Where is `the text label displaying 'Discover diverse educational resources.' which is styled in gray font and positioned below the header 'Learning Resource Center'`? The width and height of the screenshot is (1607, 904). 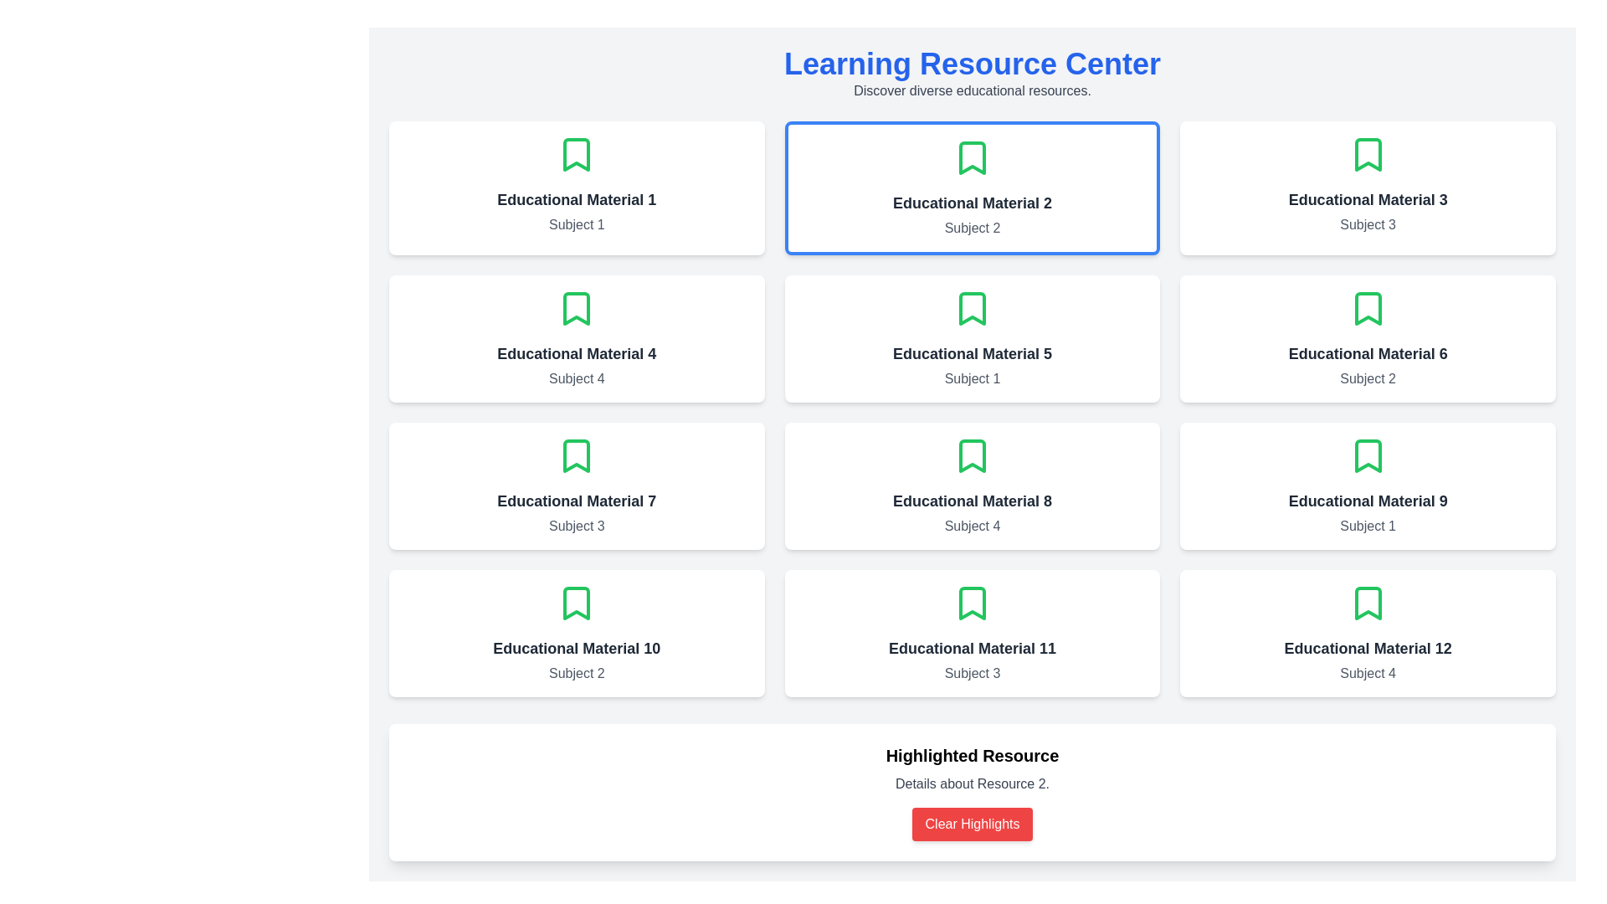 the text label displaying 'Discover diverse educational resources.' which is styled in gray font and positioned below the header 'Learning Resource Center' is located at coordinates (972, 90).